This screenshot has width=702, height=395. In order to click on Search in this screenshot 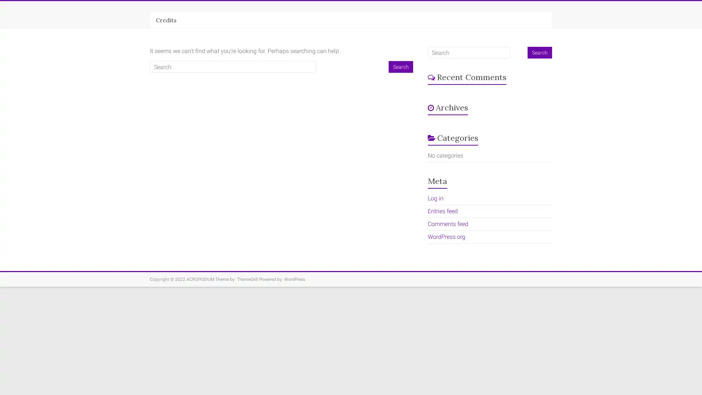, I will do `click(400, 67)`.